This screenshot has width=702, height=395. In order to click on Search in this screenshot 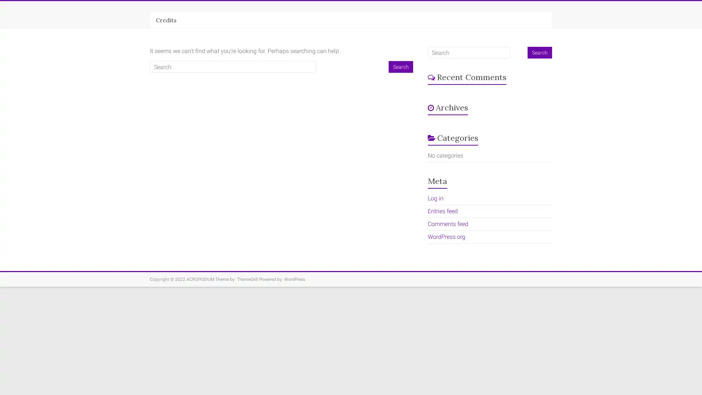, I will do `click(400, 67)`.